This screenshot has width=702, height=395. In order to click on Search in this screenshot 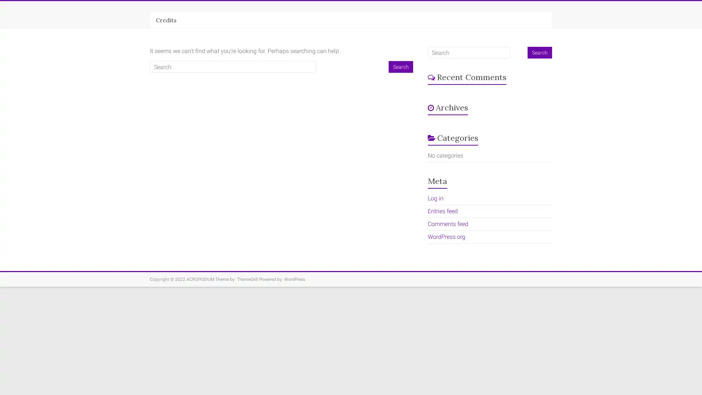, I will do `click(400, 67)`.